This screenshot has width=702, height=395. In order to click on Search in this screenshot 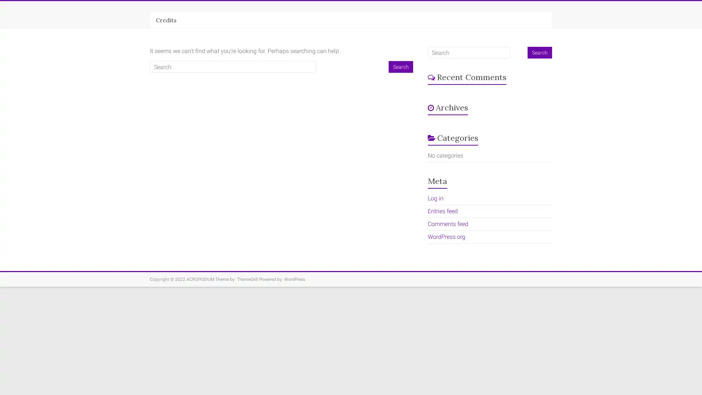, I will do `click(400, 67)`.